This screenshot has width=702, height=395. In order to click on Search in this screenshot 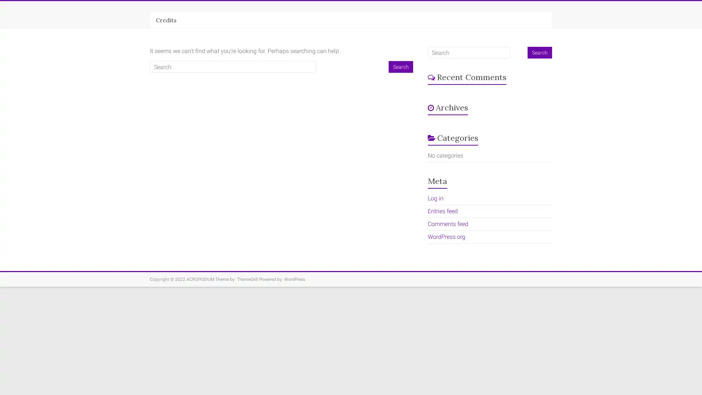, I will do `click(400, 67)`.